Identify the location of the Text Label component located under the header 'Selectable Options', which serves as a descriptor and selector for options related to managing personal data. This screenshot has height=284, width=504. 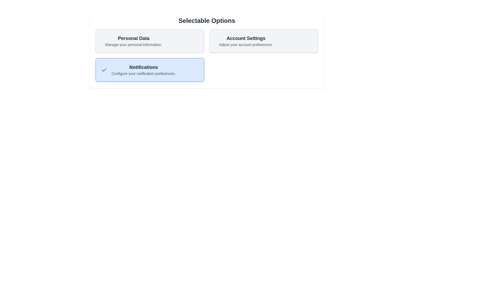
(134, 40).